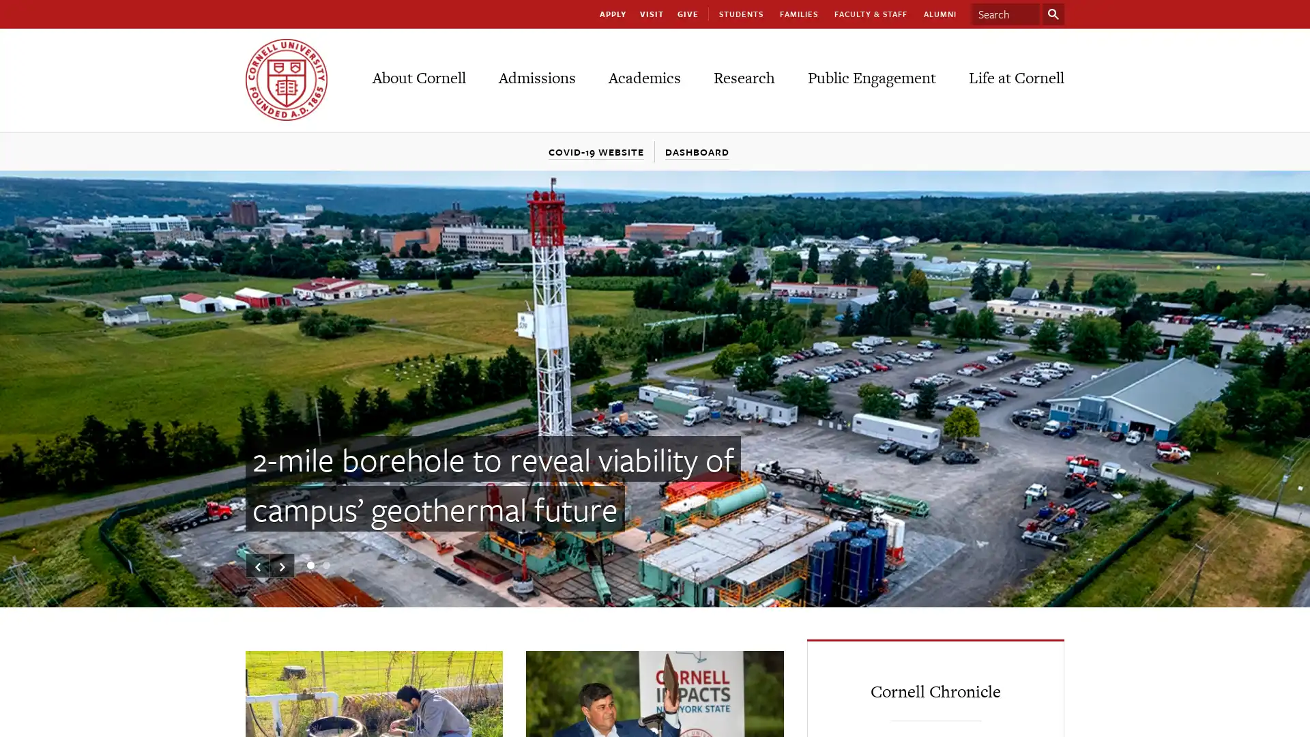 This screenshot has width=1310, height=737. What do you see at coordinates (281, 566) in the screenshot?
I see `Next slide` at bounding box center [281, 566].